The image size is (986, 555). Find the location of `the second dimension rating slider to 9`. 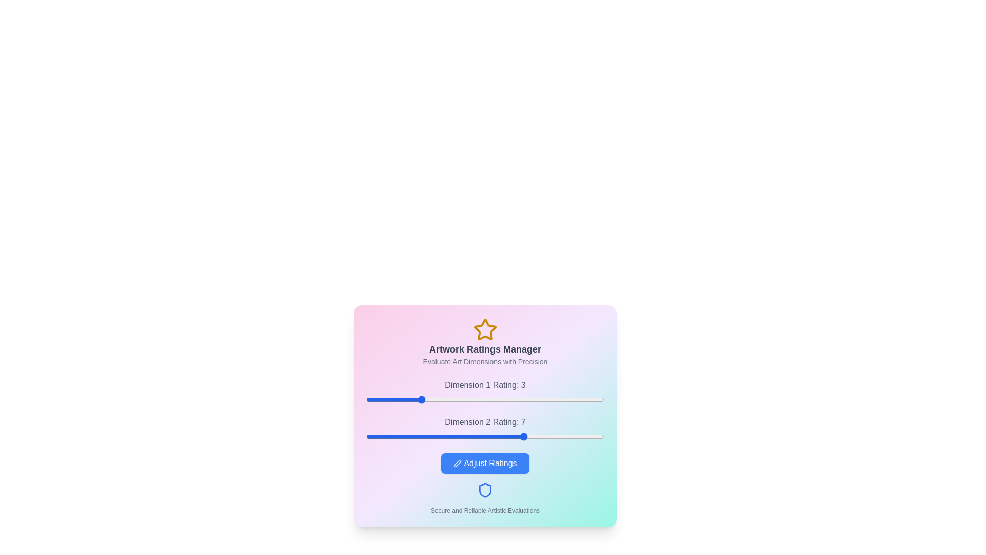

the second dimension rating slider to 9 is located at coordinates (578, 436).